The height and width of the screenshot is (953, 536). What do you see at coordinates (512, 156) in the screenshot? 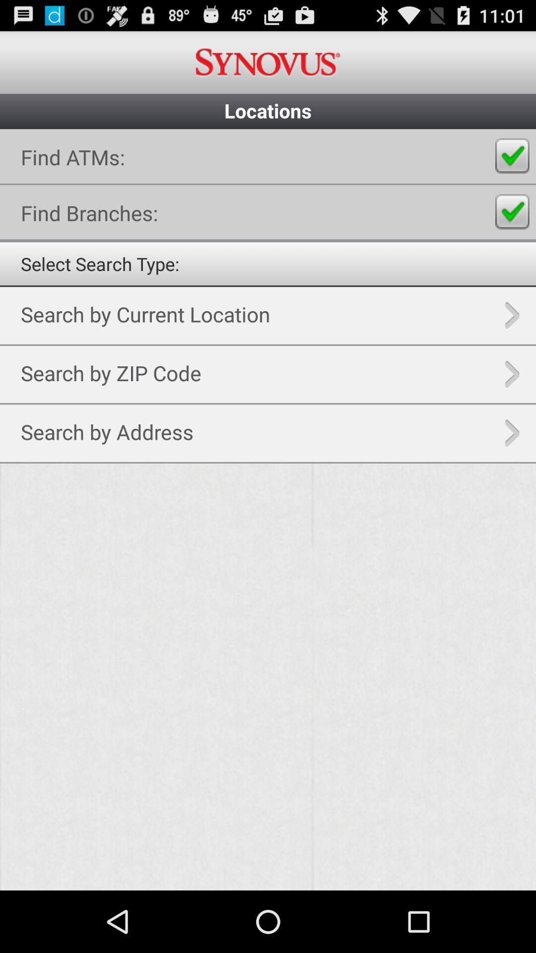
I see `ok` at bounding box center [512, 156].